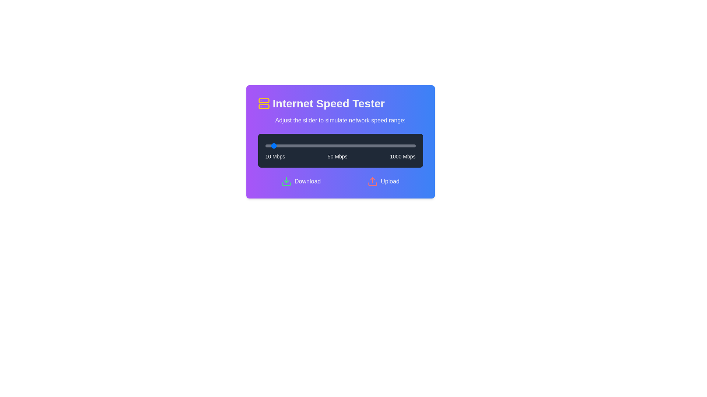  What do you see at coordinates (370, 146) in the screenshot?
I see `the slider to set the speed to 703 Mbps` at bounding box center [370, 146].